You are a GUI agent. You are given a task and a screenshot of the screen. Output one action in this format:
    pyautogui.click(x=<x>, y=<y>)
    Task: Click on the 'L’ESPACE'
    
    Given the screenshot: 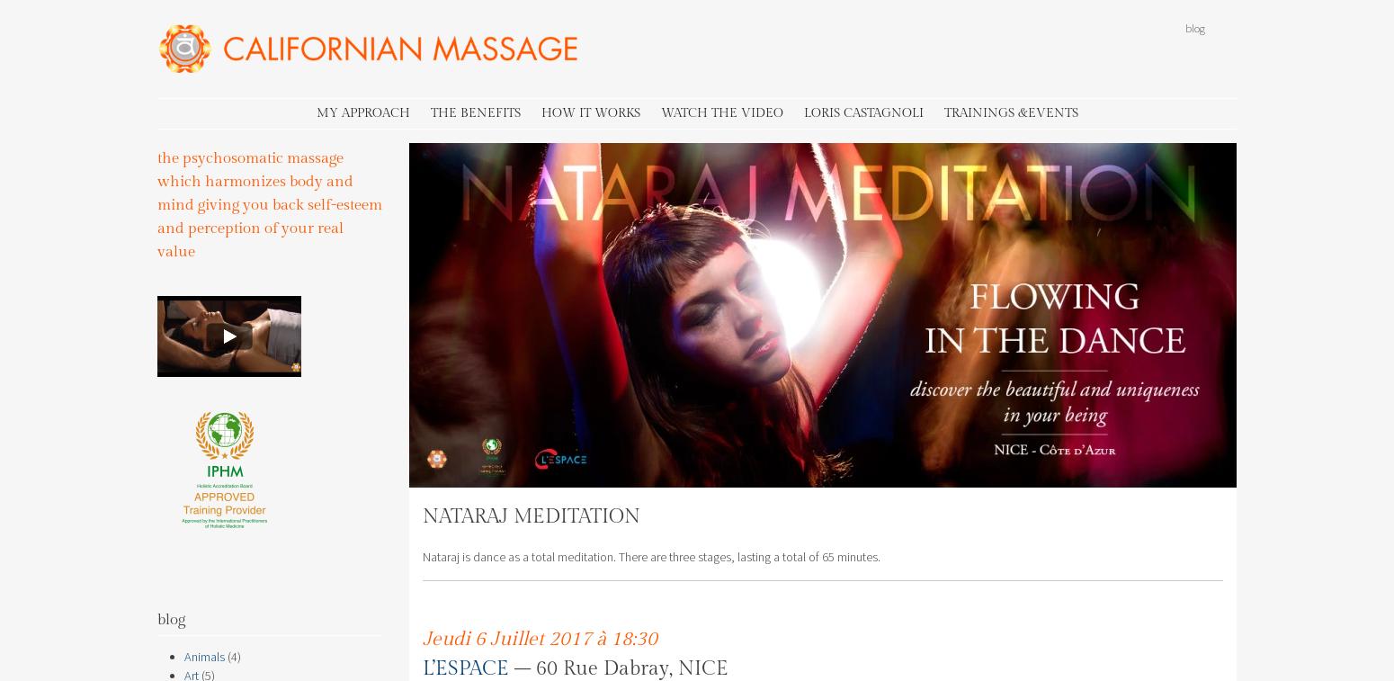 What is the action you would take?
    pyautogui.click(x=465, y=668)
    